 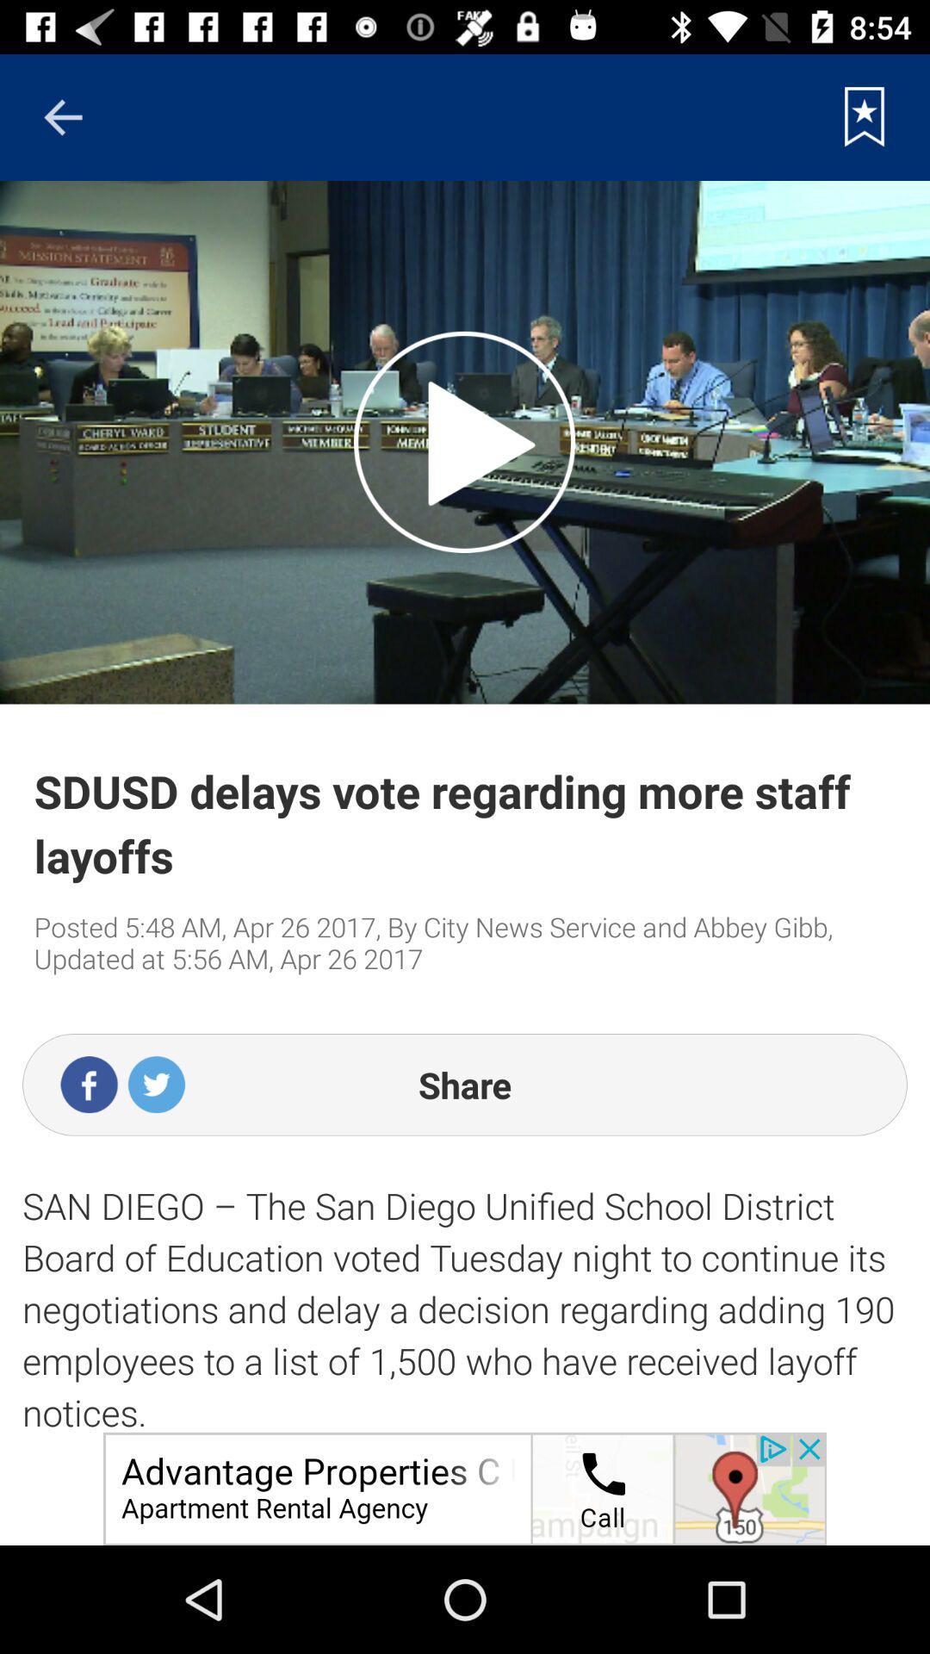 What do you see at coordinates (865, 116) in the screenshot?
I see `click archieve button` at bounding box center [865, 116].